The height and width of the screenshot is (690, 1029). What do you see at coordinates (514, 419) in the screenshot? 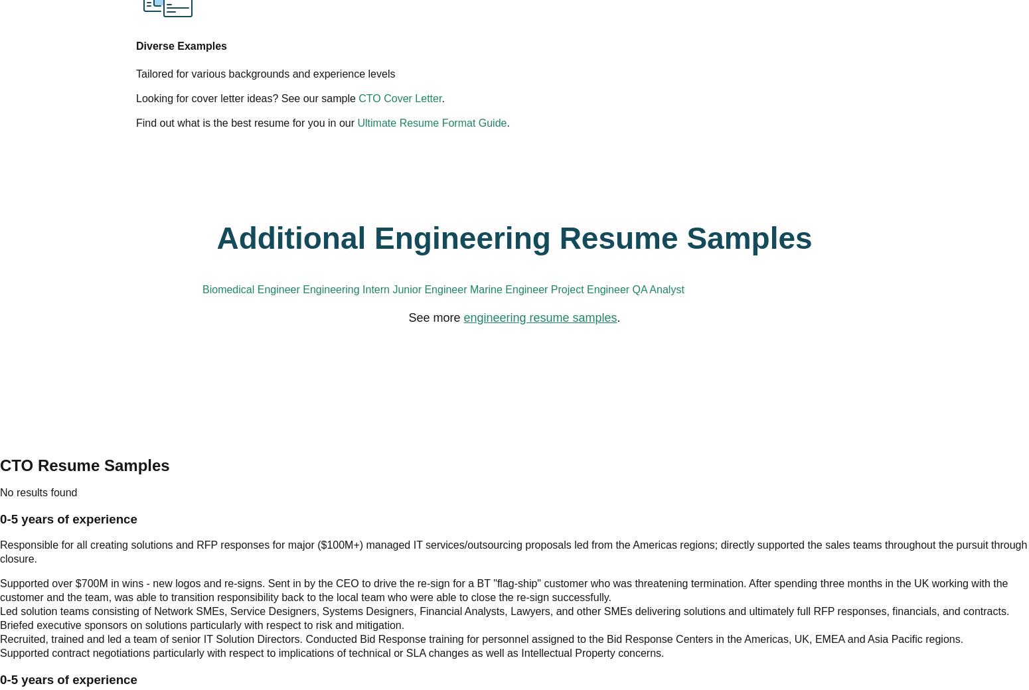
I see `'CTO Resume Samples'` at bounding box center [514, 419].